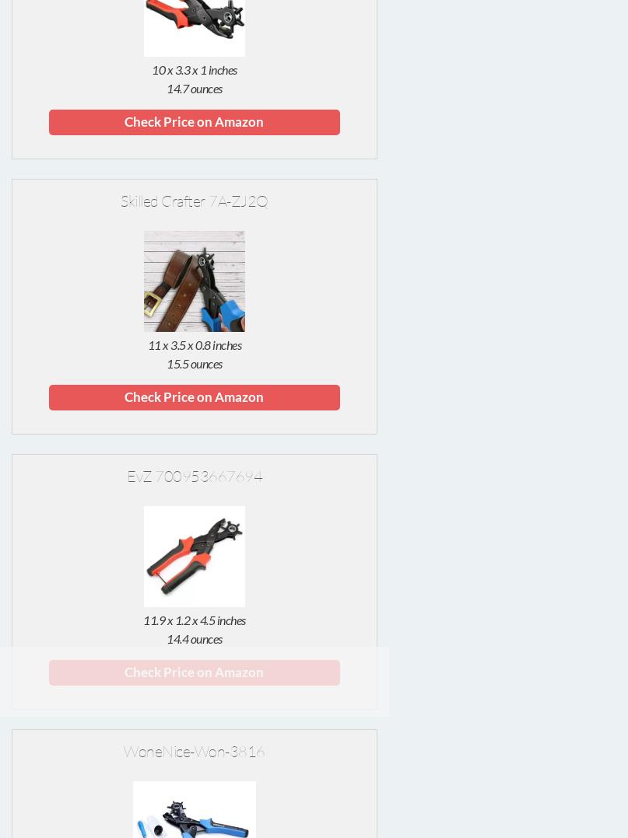  Describe the element at coordinates (193, 87) in the screenshot. I see `'14.7 ounces'` at that location.